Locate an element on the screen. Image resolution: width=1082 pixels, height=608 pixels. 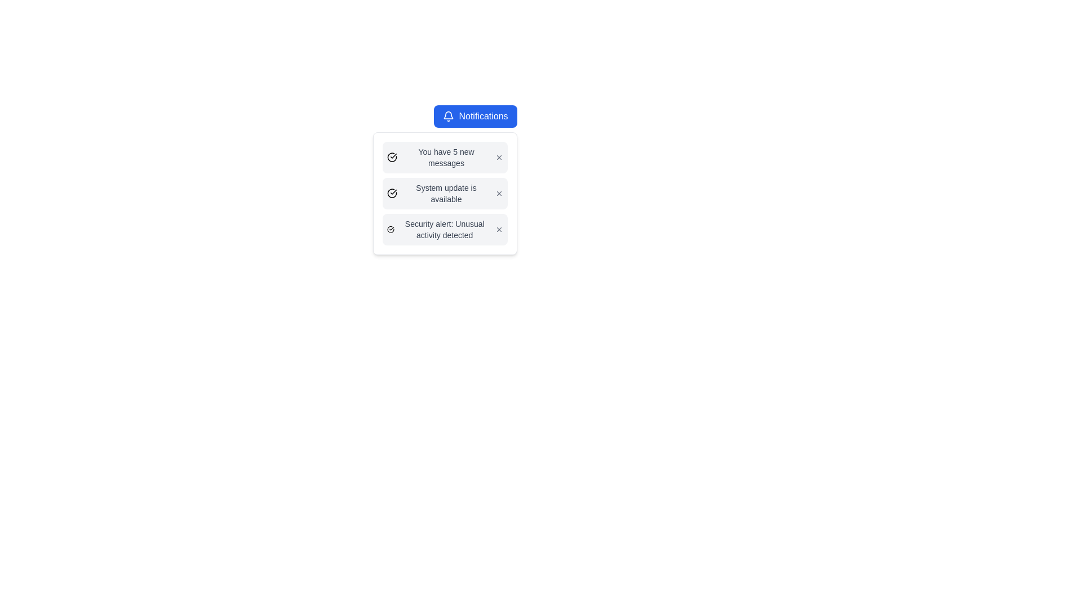
the close button represented by a gray 'x' icon located on the far right of the notification labeled 'Security alert: Unusual activity detected' is located at coordinates (498, 229).